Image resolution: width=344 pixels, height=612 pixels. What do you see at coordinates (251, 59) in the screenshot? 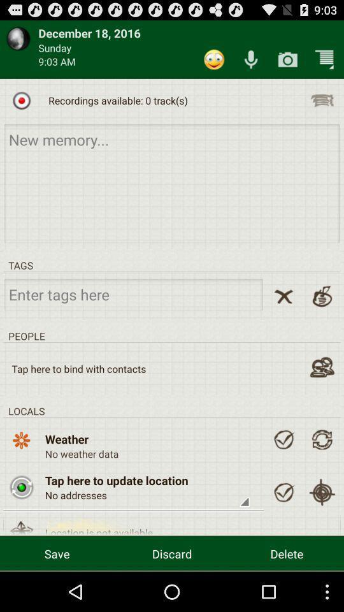
I see `mike option turned on` at bounding box center [251, 59].